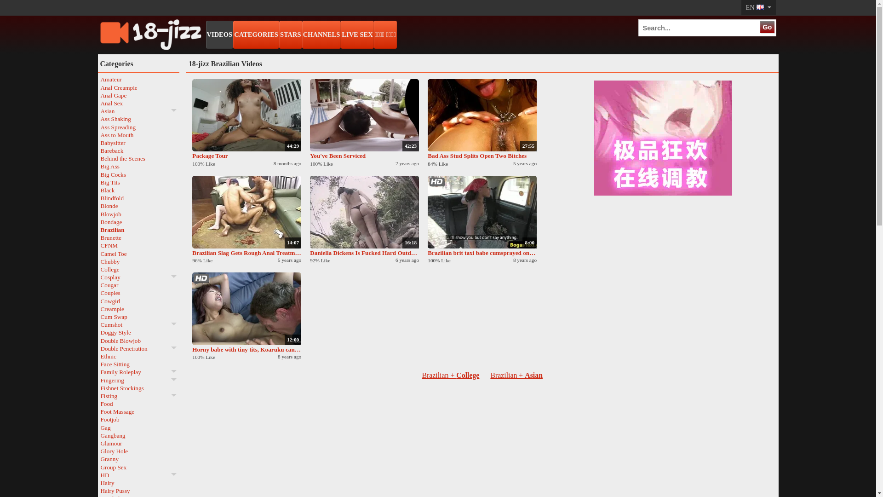 This screenshot has width=883, height=497. I want to click on 'Cosplay', so click(138, 277).